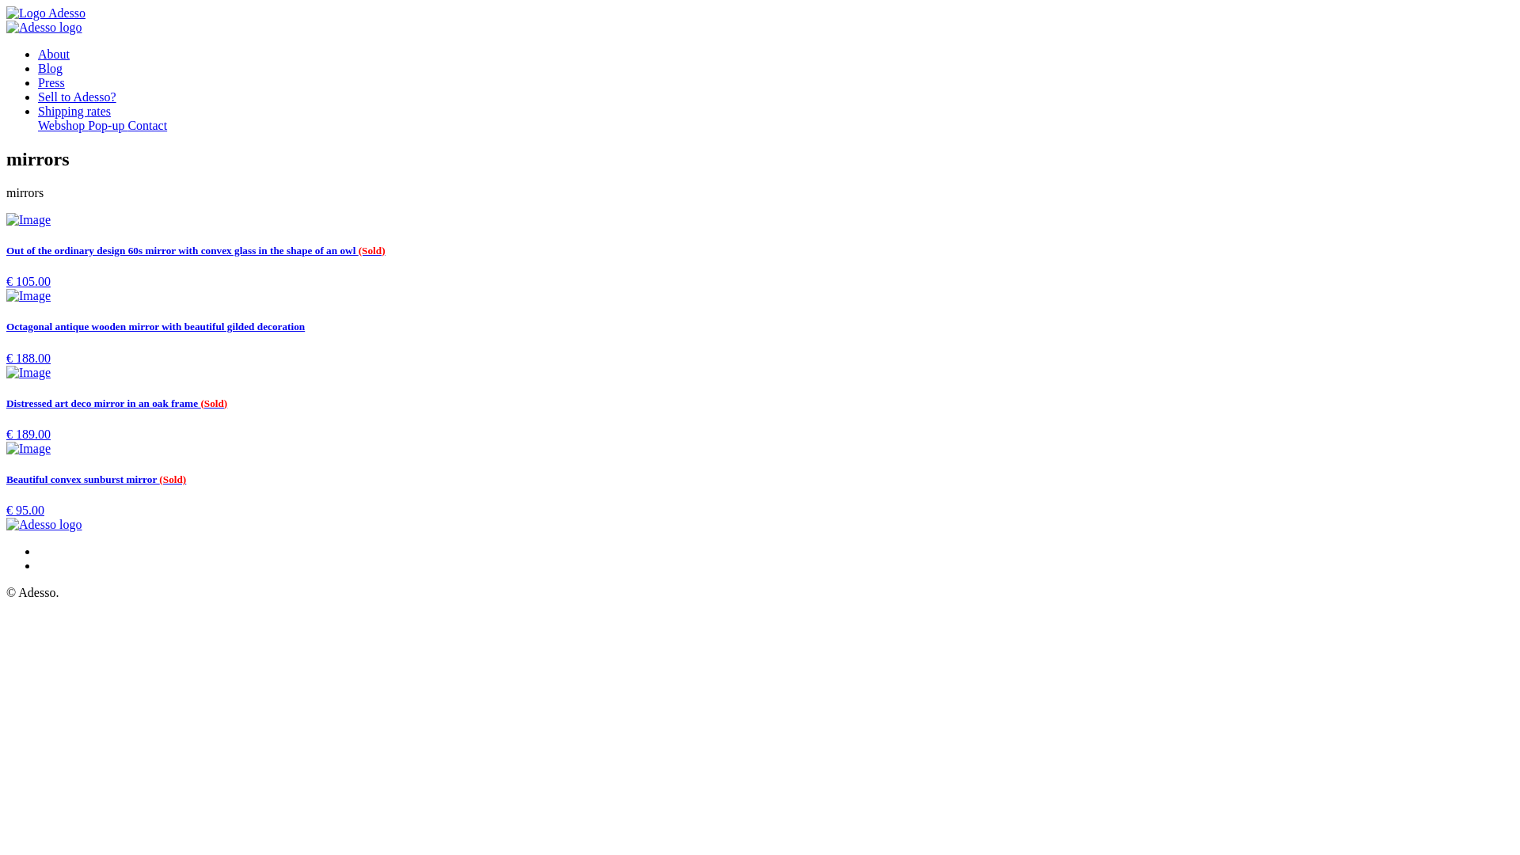 Image resolution: width=1520 pixels, height=855 pixels. Describe the element at coordinates (50, 67) in the screenshot. I see `'Blog'` at that location.